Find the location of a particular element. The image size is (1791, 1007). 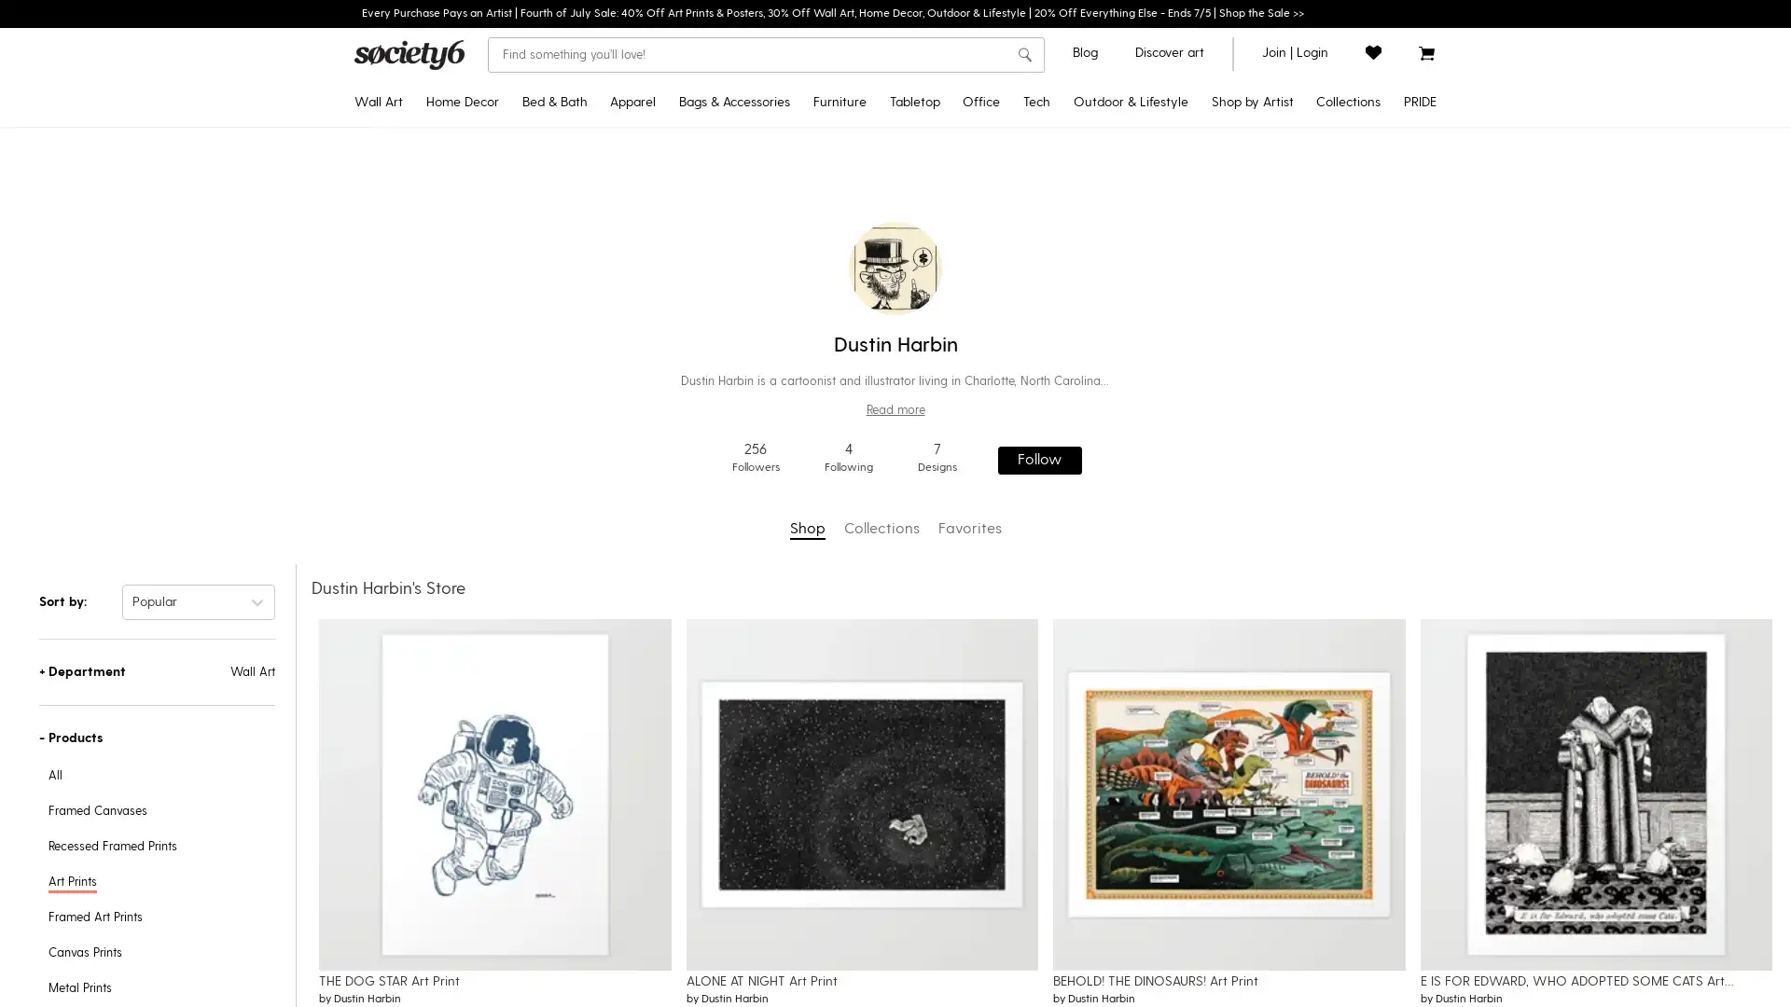

Wood Wall Art is located at coordinates (438, 449).